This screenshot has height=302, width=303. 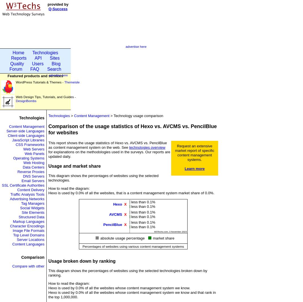 What do you see at coordinates (49, 58) in the screenshot?
I see `'Sites'` at bounding box center [49, 58].